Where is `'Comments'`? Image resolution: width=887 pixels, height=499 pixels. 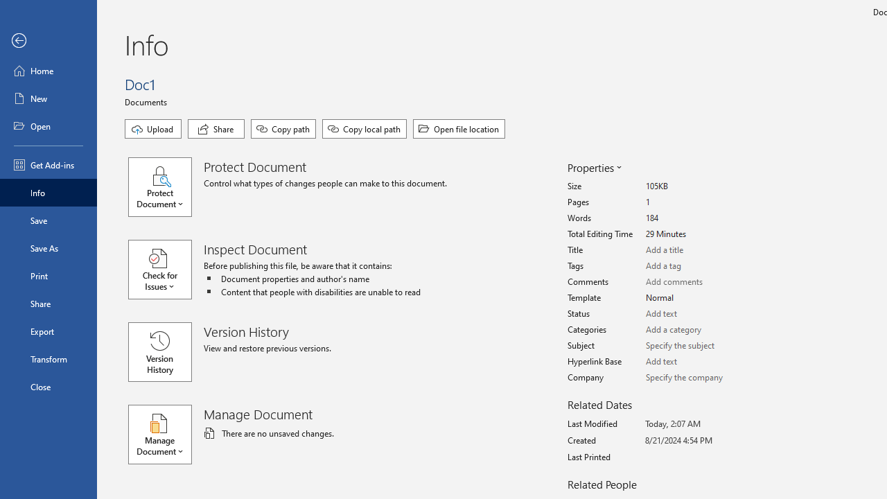 'Comments' is located at coordinates (697, 281).